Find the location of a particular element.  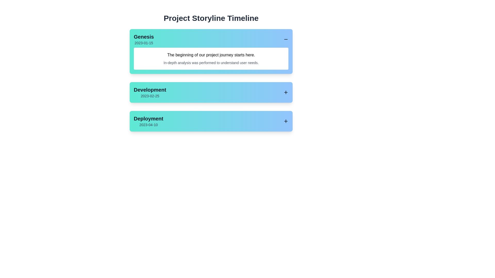

the text displaying the date '2023-04-10' located within the 'Deployment' content card under the 'Project Storyline Timeline' section is located at coordinates (148, 125).